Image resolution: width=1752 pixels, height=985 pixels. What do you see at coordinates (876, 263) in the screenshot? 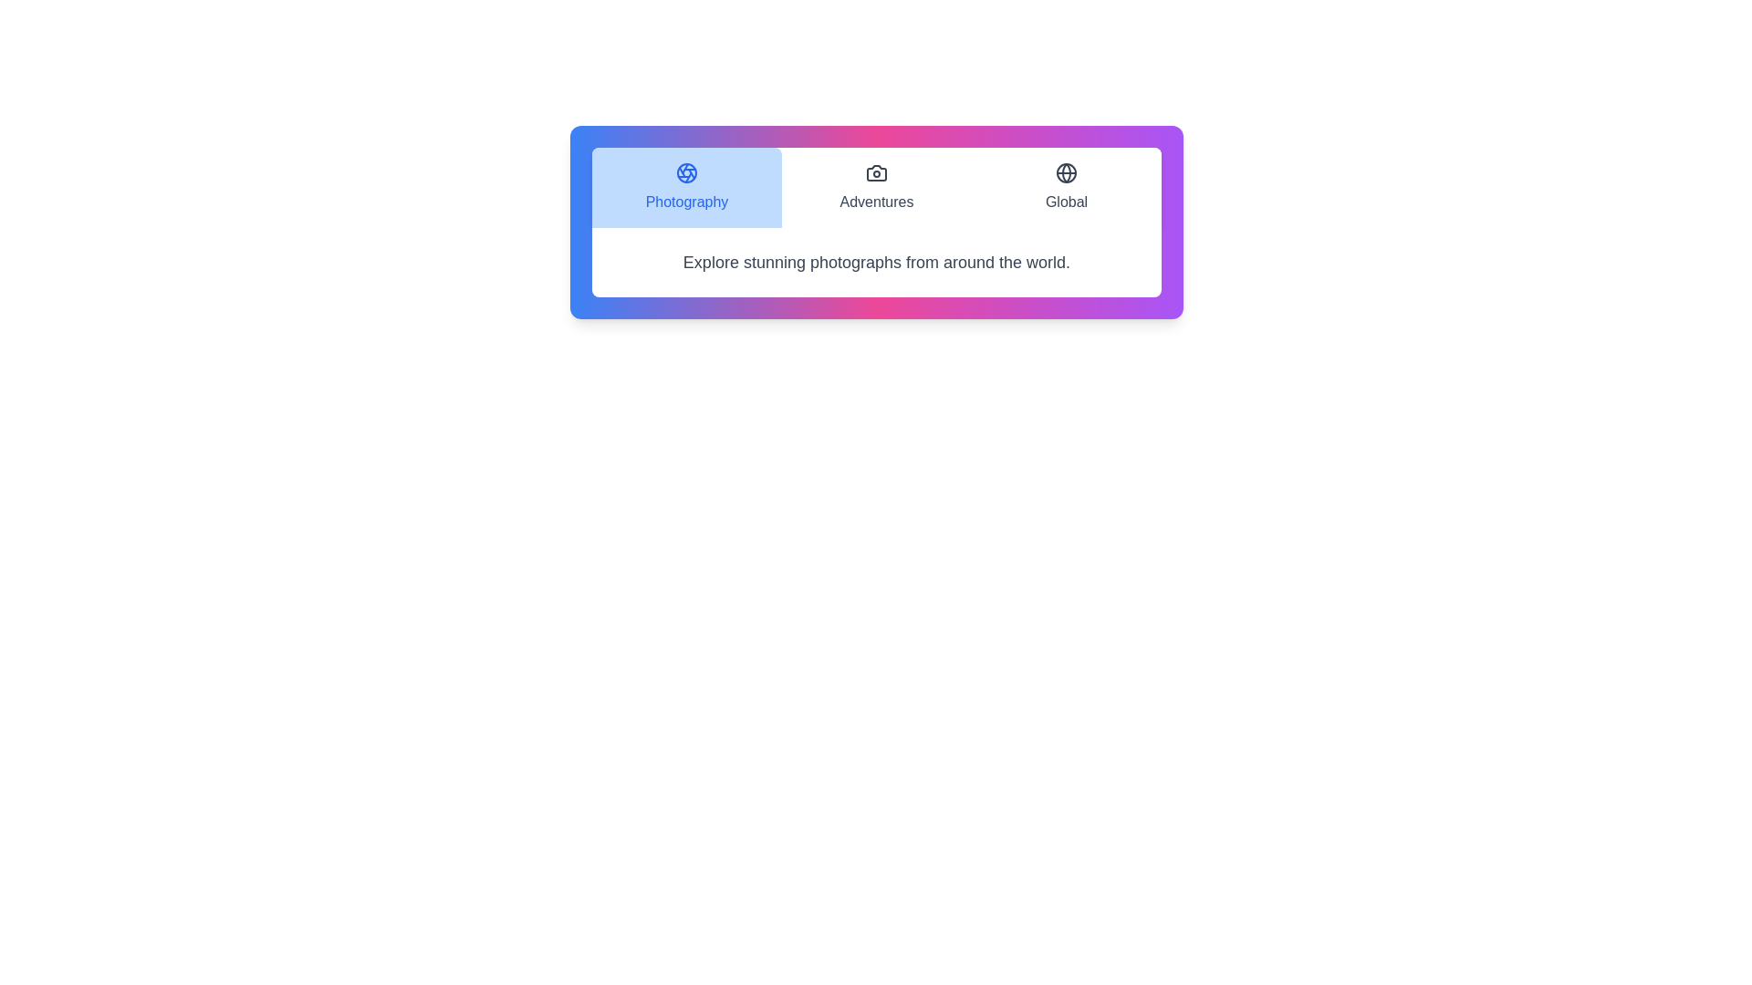
I see `the descriptive tagline text located at the bottom of the section containing the icons for 'Photography,' 'Adventures,' and 'Global.'` at bounding box center [876, 263].